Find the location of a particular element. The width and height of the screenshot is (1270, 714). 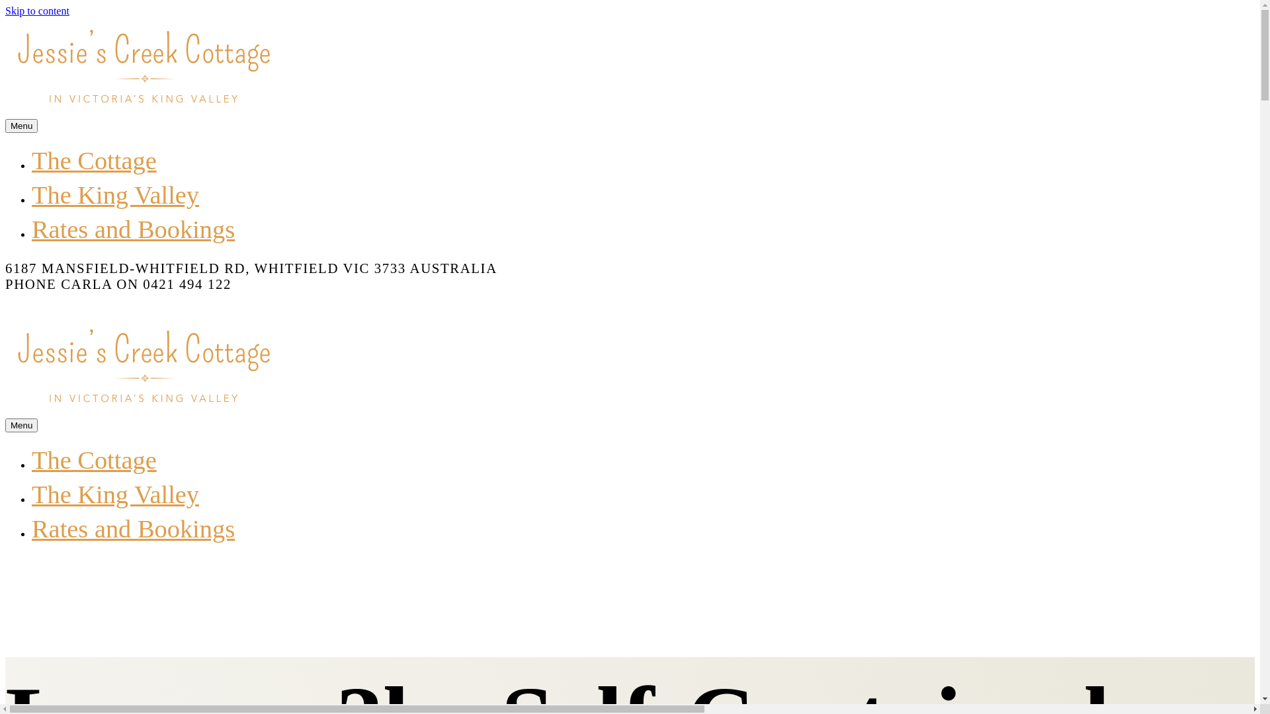

'The King Valley' is located at coordinates (115, 495).